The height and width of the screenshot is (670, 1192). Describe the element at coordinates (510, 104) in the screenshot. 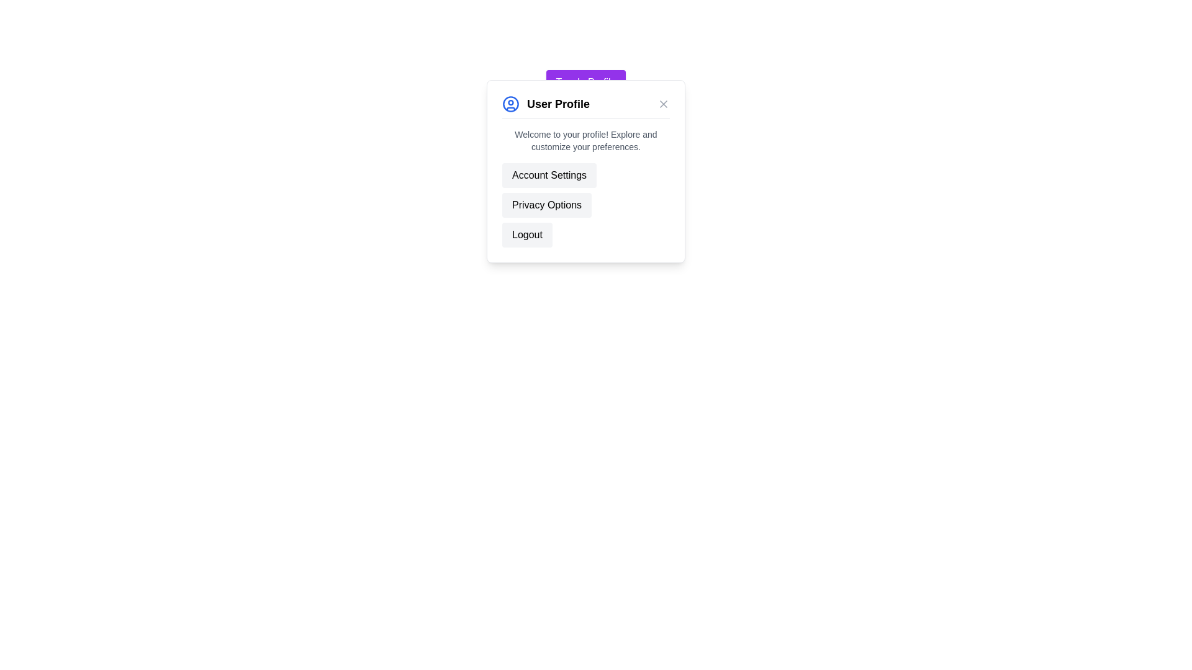

I see `the user profile icon located to the left of the 'User Profile' text, positioned at the top-center of the interface` at that location.